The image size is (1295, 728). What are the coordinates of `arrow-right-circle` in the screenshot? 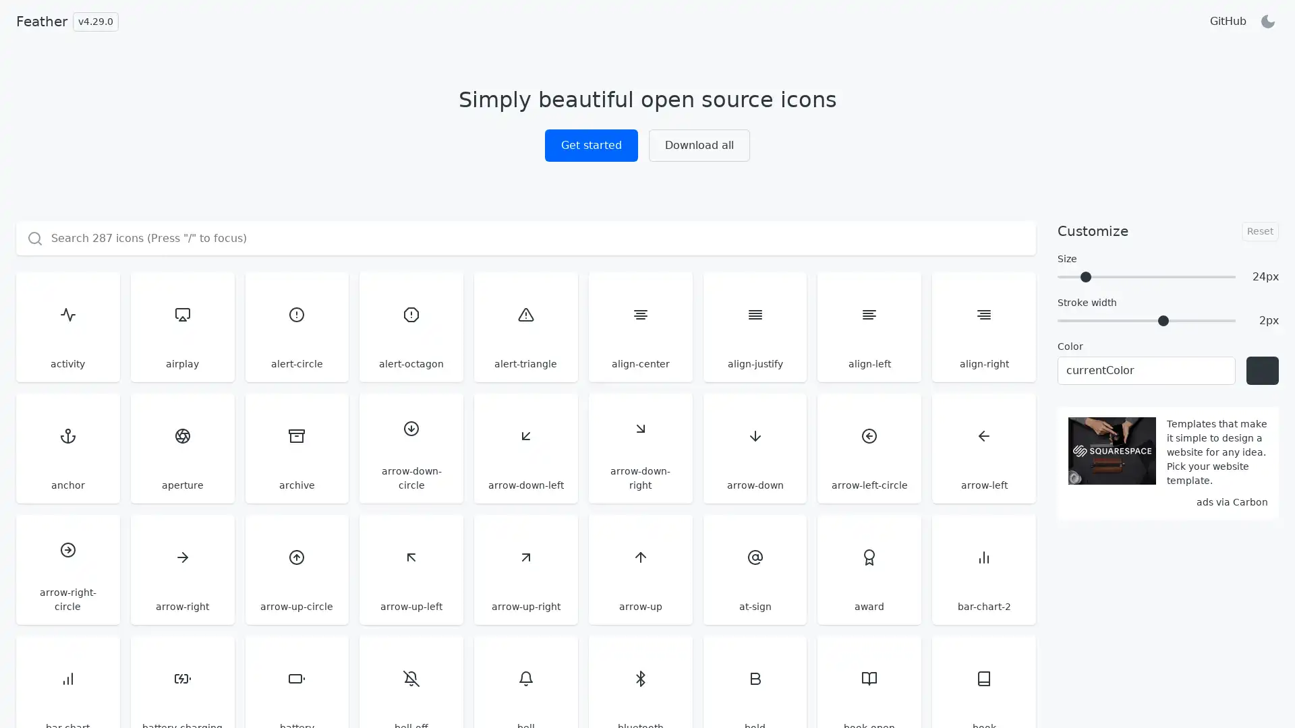 It's located at (67, 569).